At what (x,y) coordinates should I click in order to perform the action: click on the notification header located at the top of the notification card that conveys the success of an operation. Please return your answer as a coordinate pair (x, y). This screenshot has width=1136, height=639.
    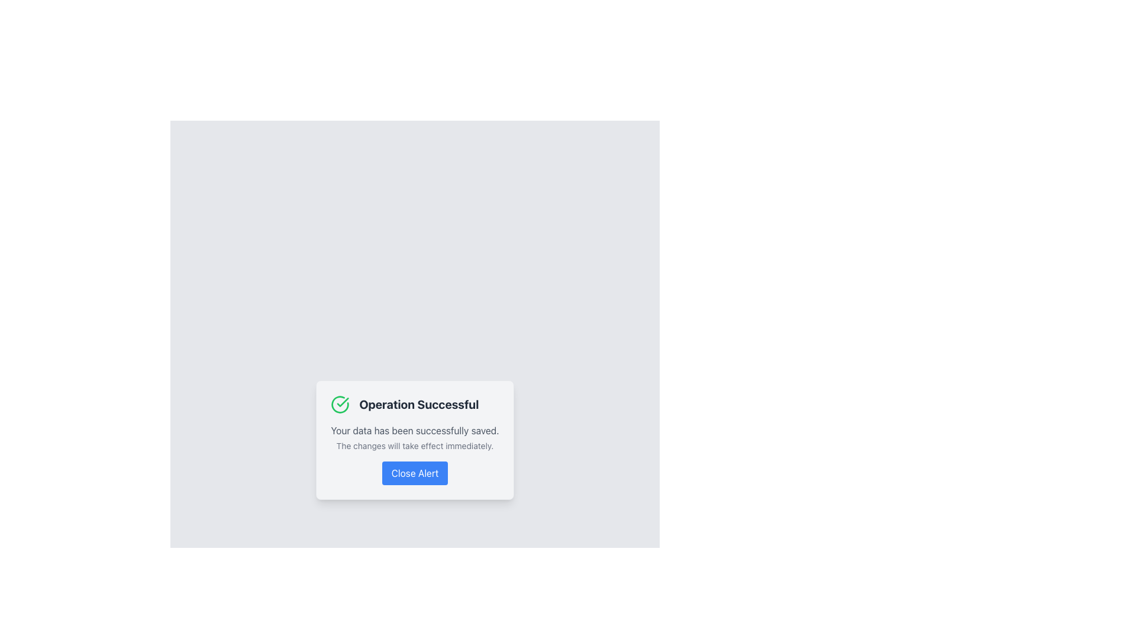
    Looking at the image, I should click on (415, 404).